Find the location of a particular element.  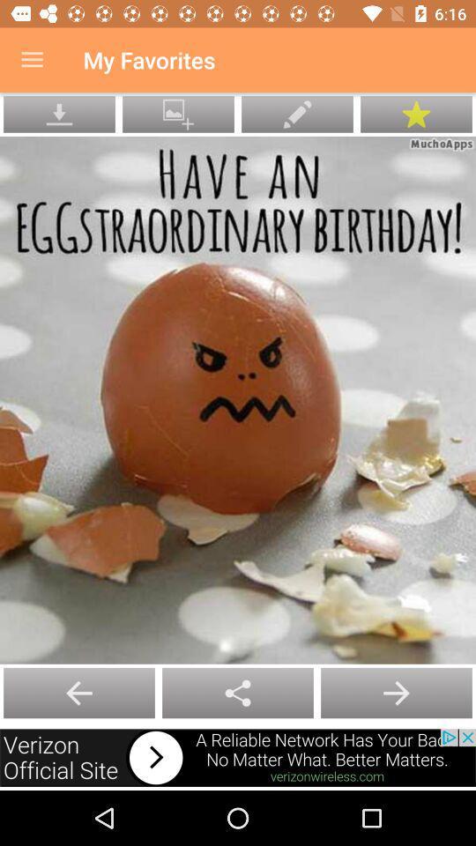

advertisement is located at coordinates (238, 757).